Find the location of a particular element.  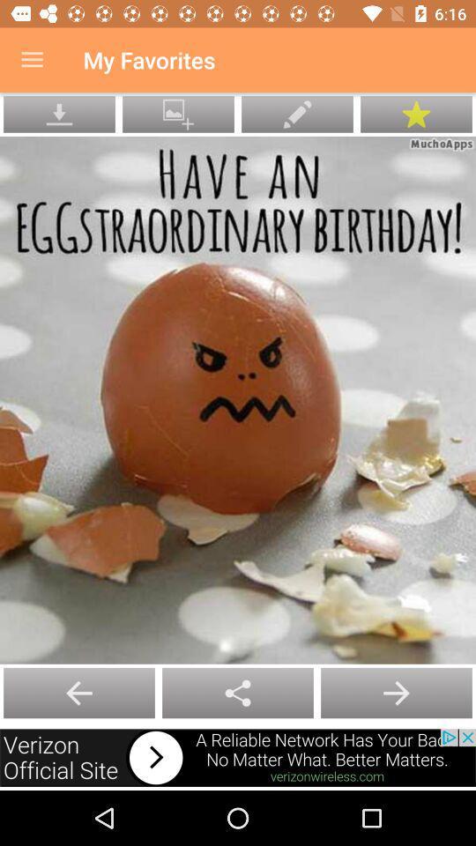

advertisement is located at coordinates (238, 757).